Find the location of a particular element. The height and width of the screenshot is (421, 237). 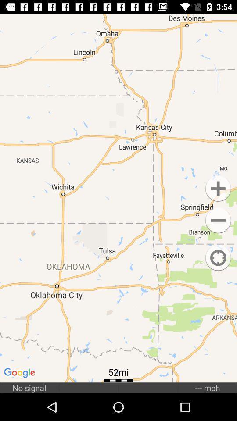

the zoom_out icon is located at coordinates (218, 220).